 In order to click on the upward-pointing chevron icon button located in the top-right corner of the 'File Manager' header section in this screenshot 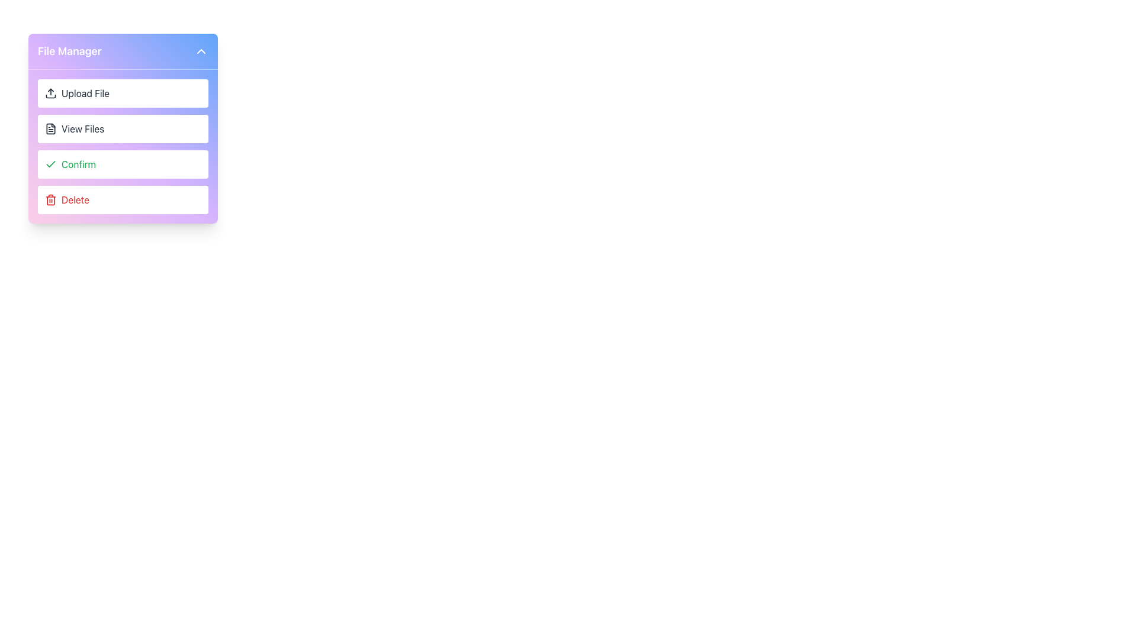, I will do `click(201, 51)`.